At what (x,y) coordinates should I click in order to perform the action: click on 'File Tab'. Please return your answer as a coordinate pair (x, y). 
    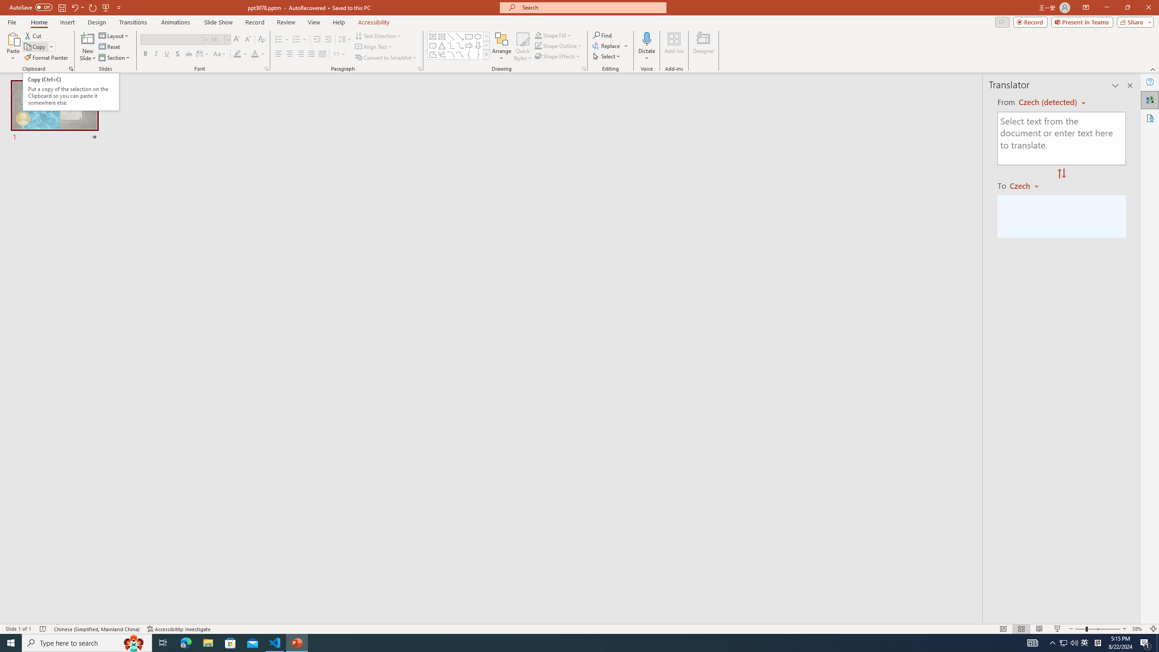
    Looking at the image, I should click on (11, 21).